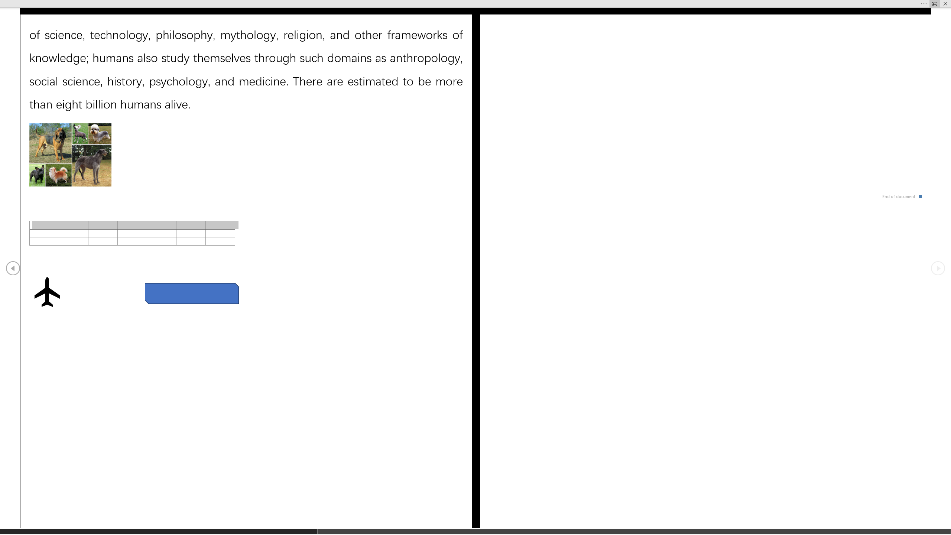  I want to click on 'Rectangle: Diagonal Corners Snipped 2', so click(191, 293).